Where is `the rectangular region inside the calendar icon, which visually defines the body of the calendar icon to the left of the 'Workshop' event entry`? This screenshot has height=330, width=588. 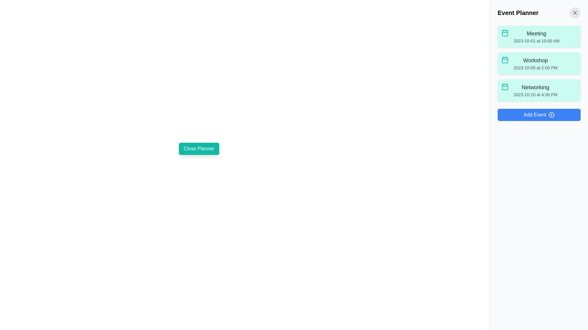 the rectangular region inside the calendar icon, which visually defines the body of the calendar icon to the left of the 'Workshop' event entry is located at coordinates (505, 60).